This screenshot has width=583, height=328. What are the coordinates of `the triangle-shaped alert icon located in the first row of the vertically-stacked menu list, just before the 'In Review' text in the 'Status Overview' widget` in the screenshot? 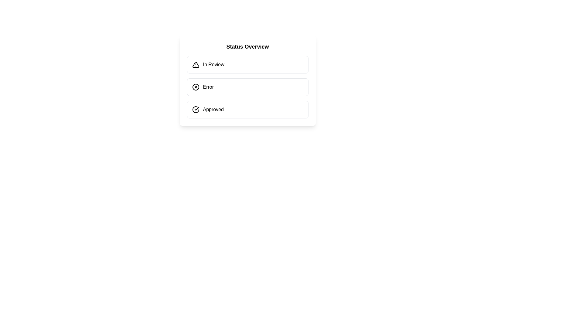 It's located at (196, 64).